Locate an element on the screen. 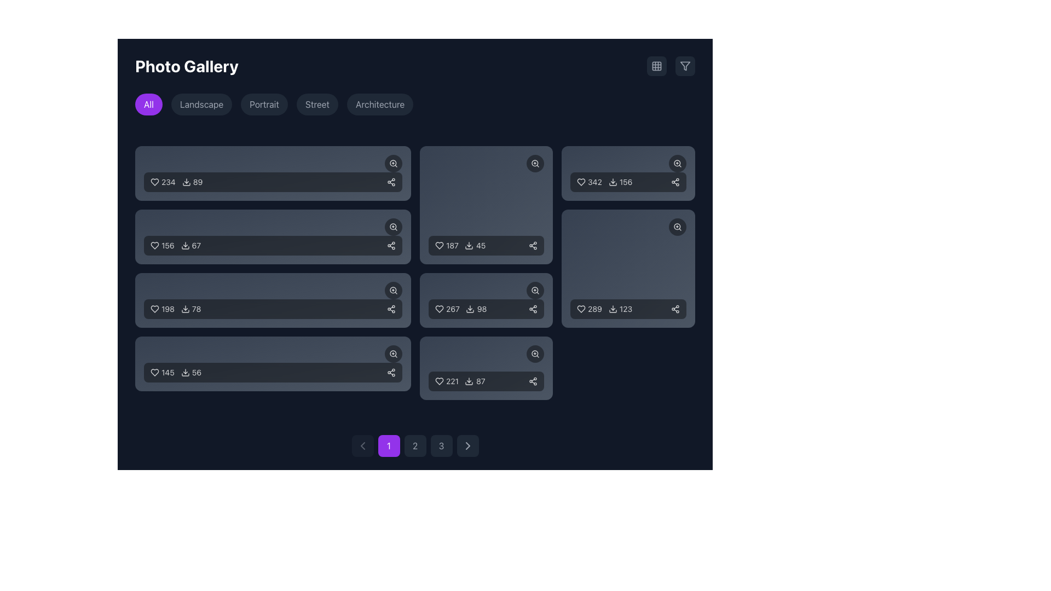  the circular zoom-in button with a magnifying glass icon located at the top-right corner of the image statistics card is located at coordinates (393, 290).